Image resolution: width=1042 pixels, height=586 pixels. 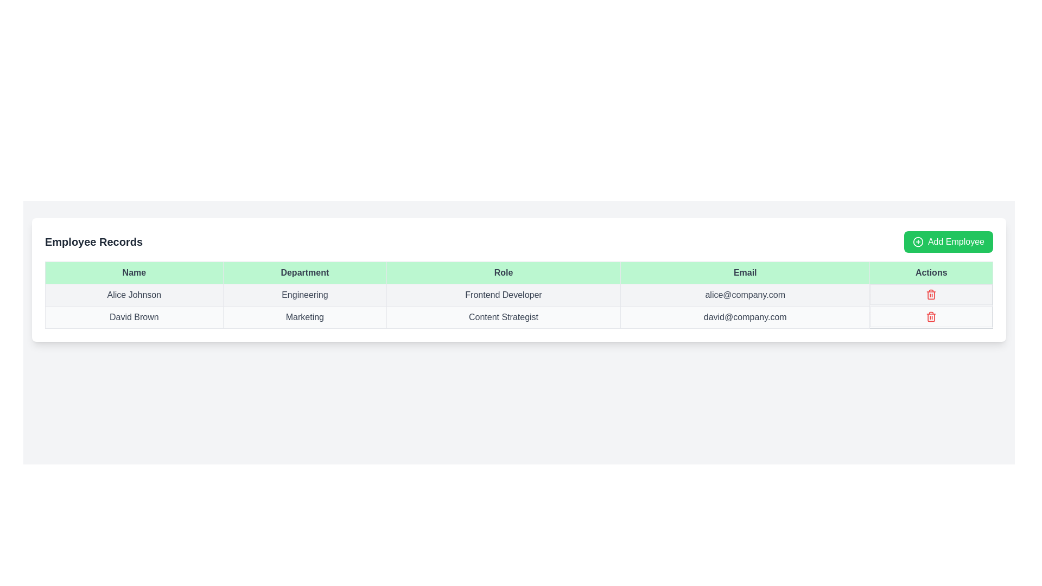 I want to click on the Text Label that serves as the column header for roles, located between 'Department' and 'Email' in the green-shaded header row of the table, so click(x=503, y=272).